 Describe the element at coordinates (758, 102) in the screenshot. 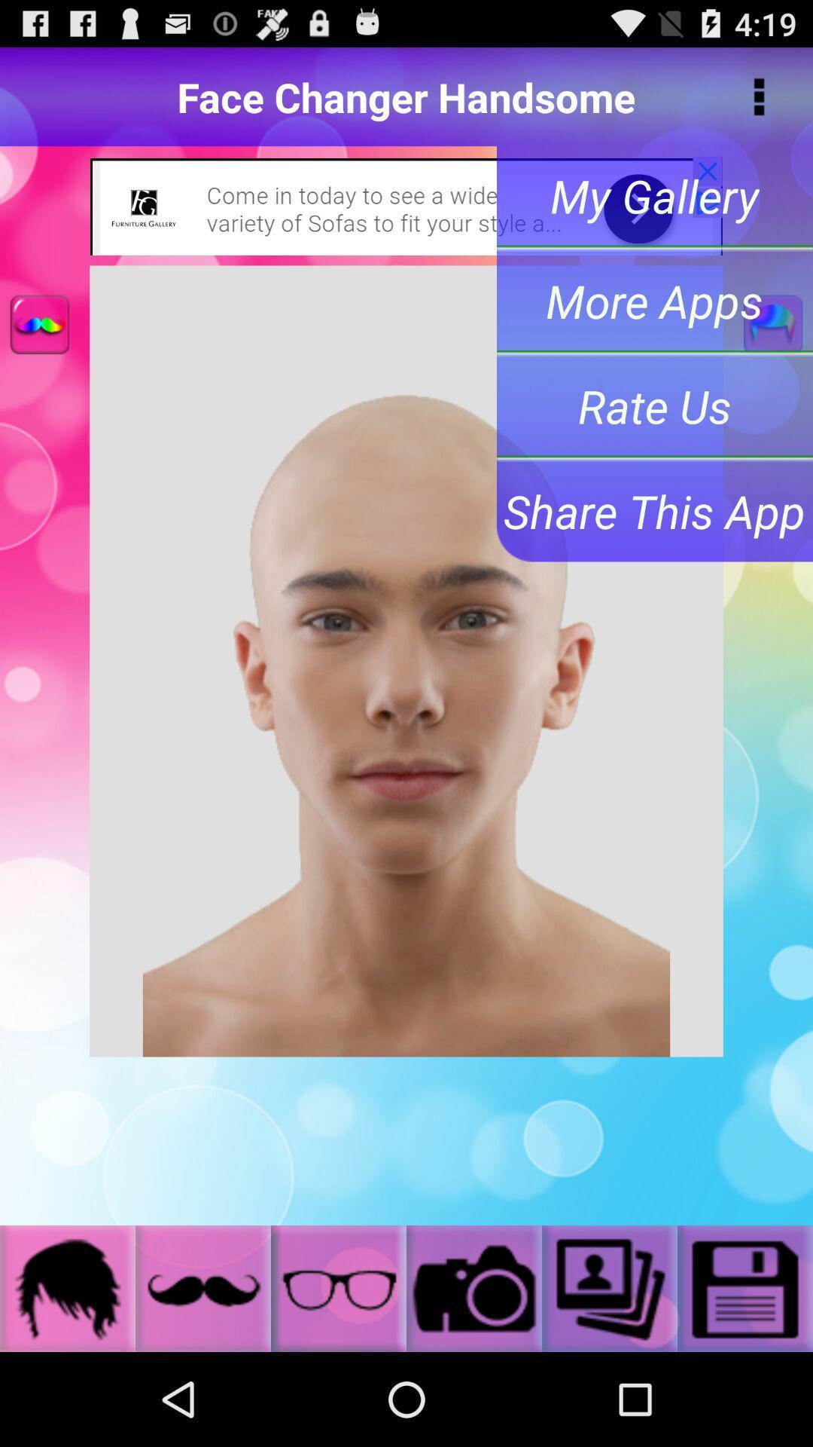

I see `the more icon` at that location.